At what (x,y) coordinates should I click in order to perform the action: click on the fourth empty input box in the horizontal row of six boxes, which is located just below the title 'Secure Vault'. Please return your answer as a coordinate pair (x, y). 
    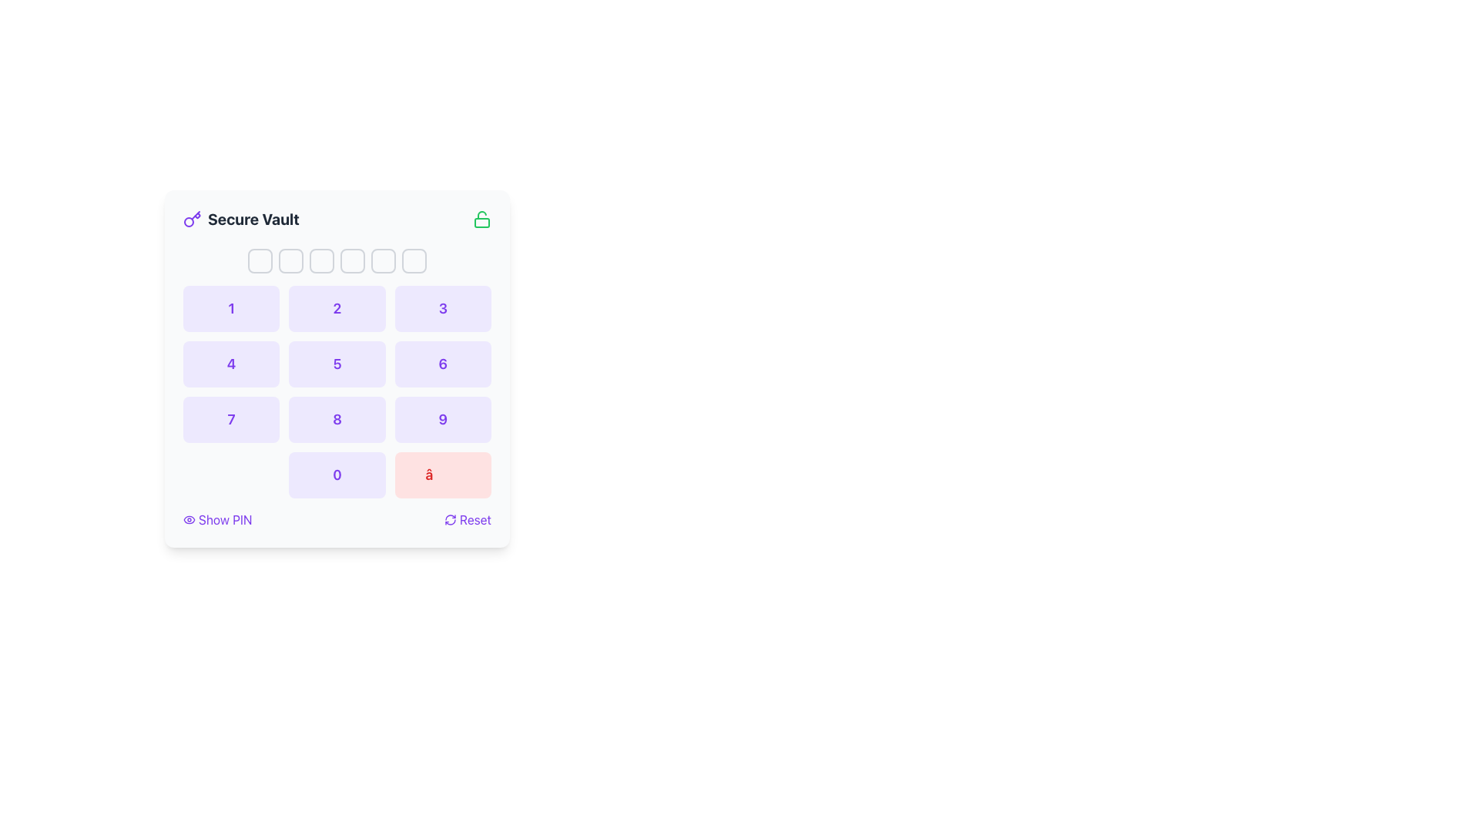
    Looking at the image, I should click on (351, 260).